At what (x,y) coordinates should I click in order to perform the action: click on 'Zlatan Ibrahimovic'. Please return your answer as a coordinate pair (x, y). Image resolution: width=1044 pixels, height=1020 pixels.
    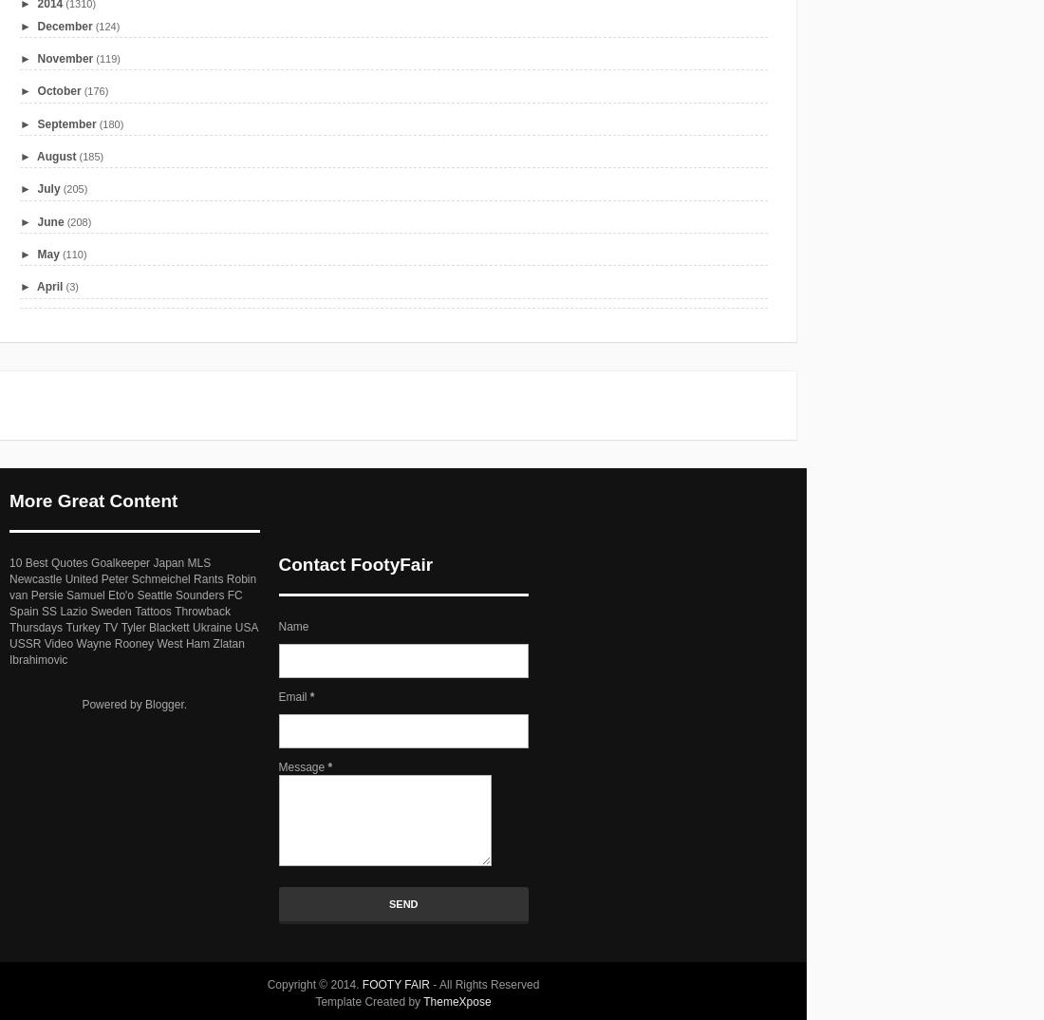
    Looking at the image, I should click on (126, 650).